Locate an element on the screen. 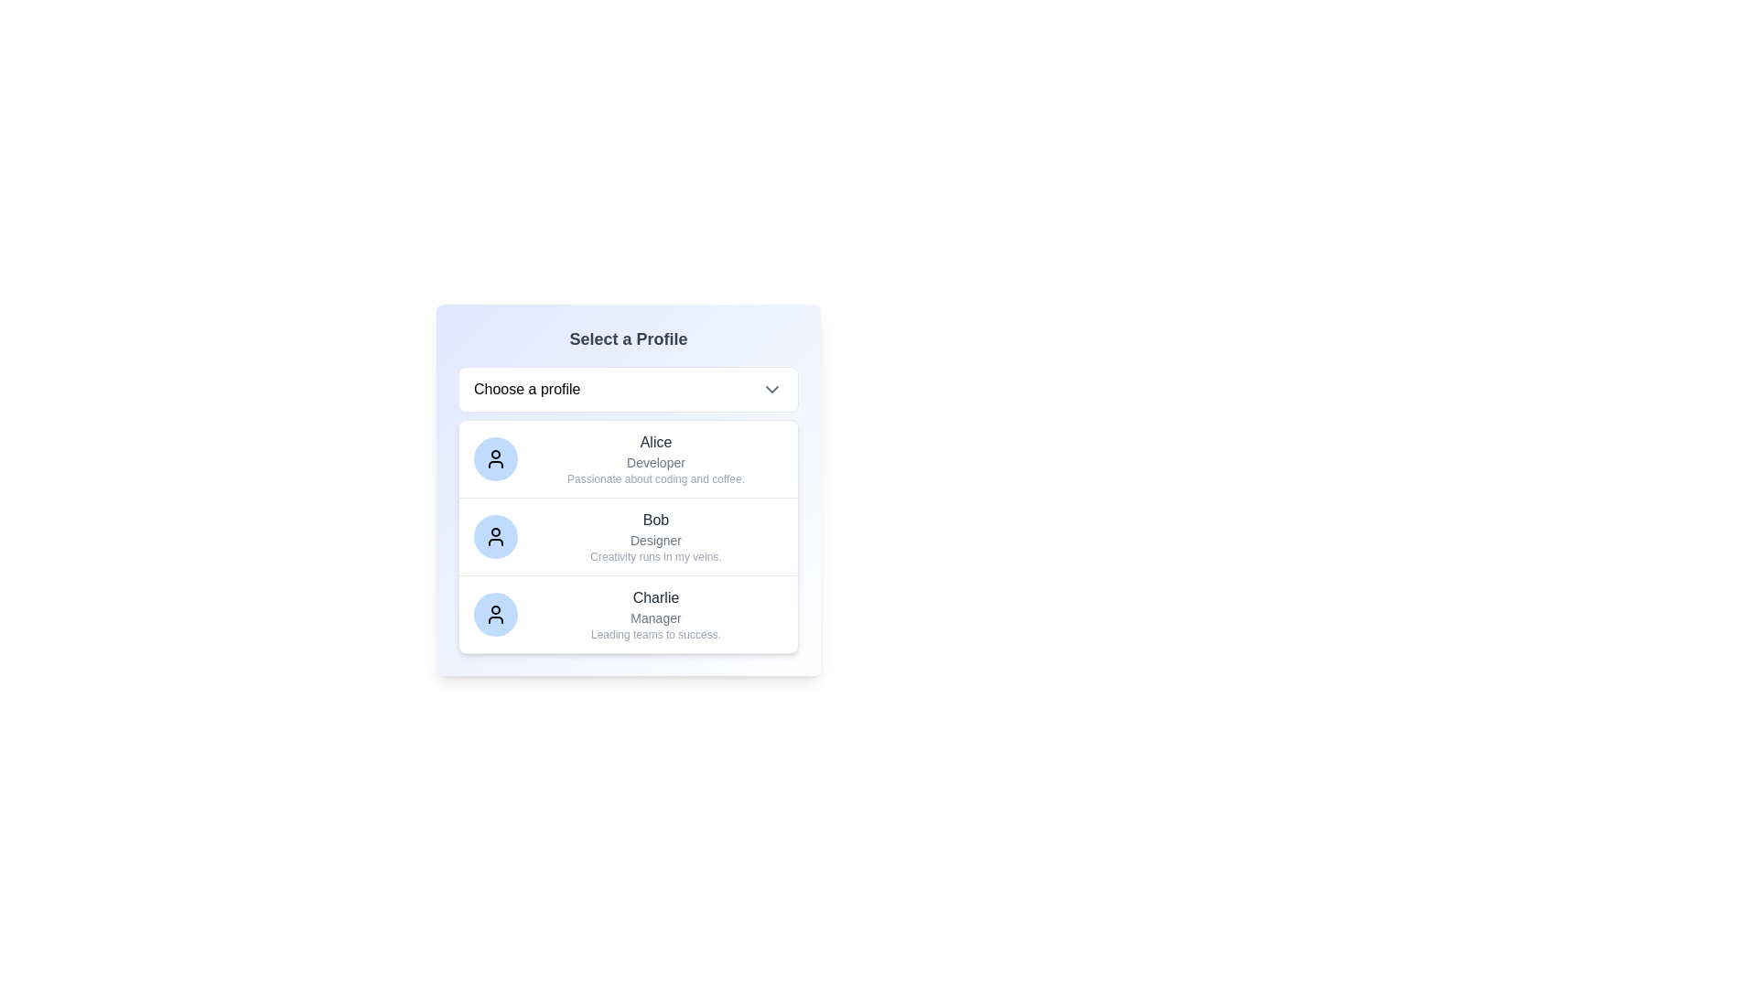 The image size is (1757, 988). the text label that contains 'Leading teams to success.' styled in a small, gray, and slightly faded font, located within the profile card for 'Charlie' below the title 'Manager.' is located at coordinates (655, 634).